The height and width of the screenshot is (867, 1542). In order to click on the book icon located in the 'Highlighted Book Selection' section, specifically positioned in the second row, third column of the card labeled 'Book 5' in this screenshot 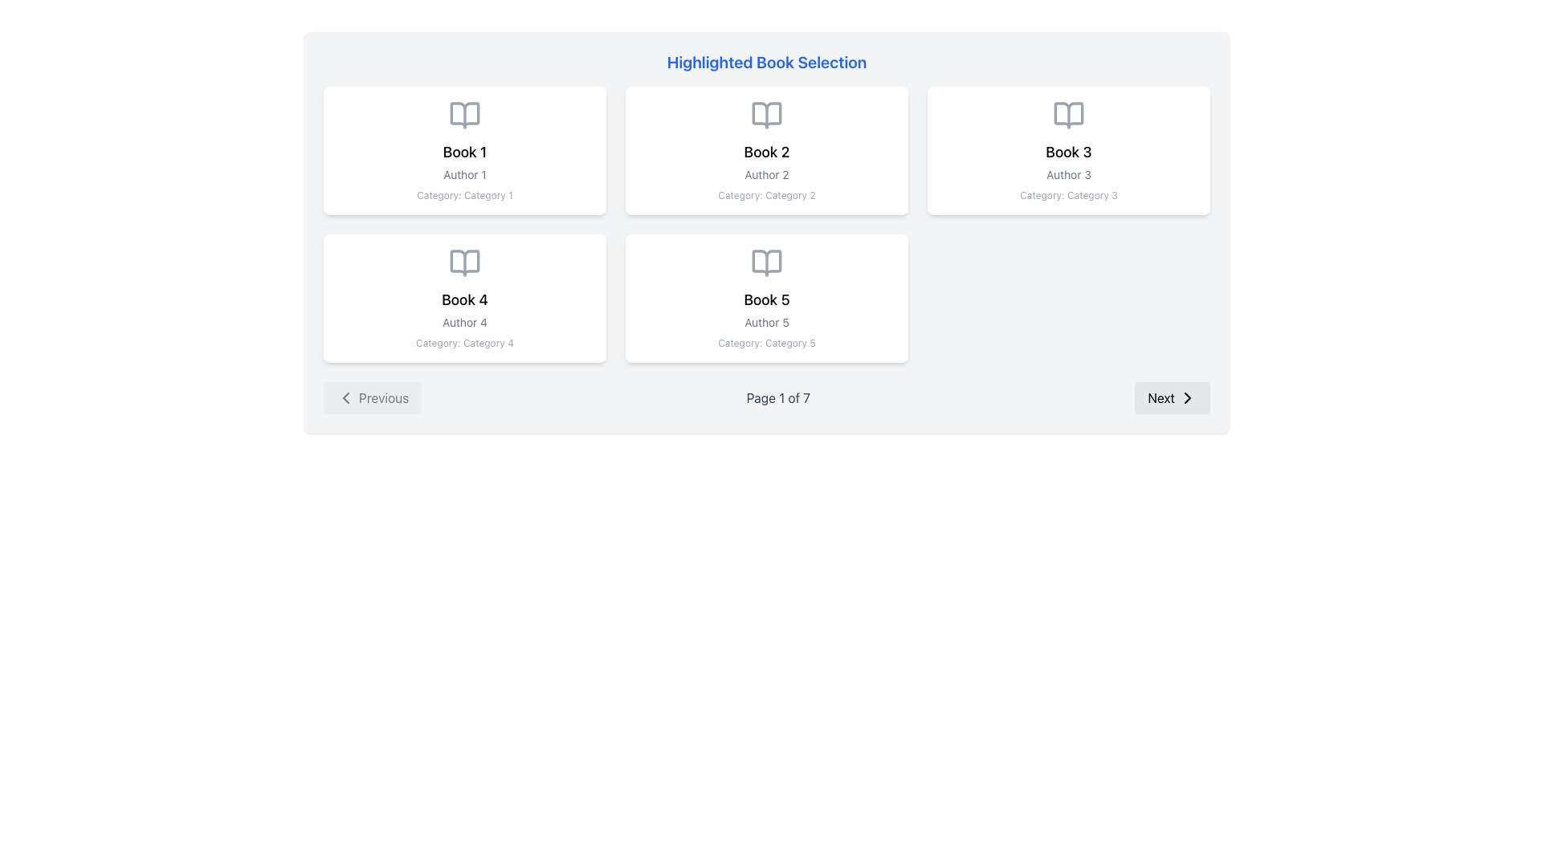, I will do `click(766, 262)`.